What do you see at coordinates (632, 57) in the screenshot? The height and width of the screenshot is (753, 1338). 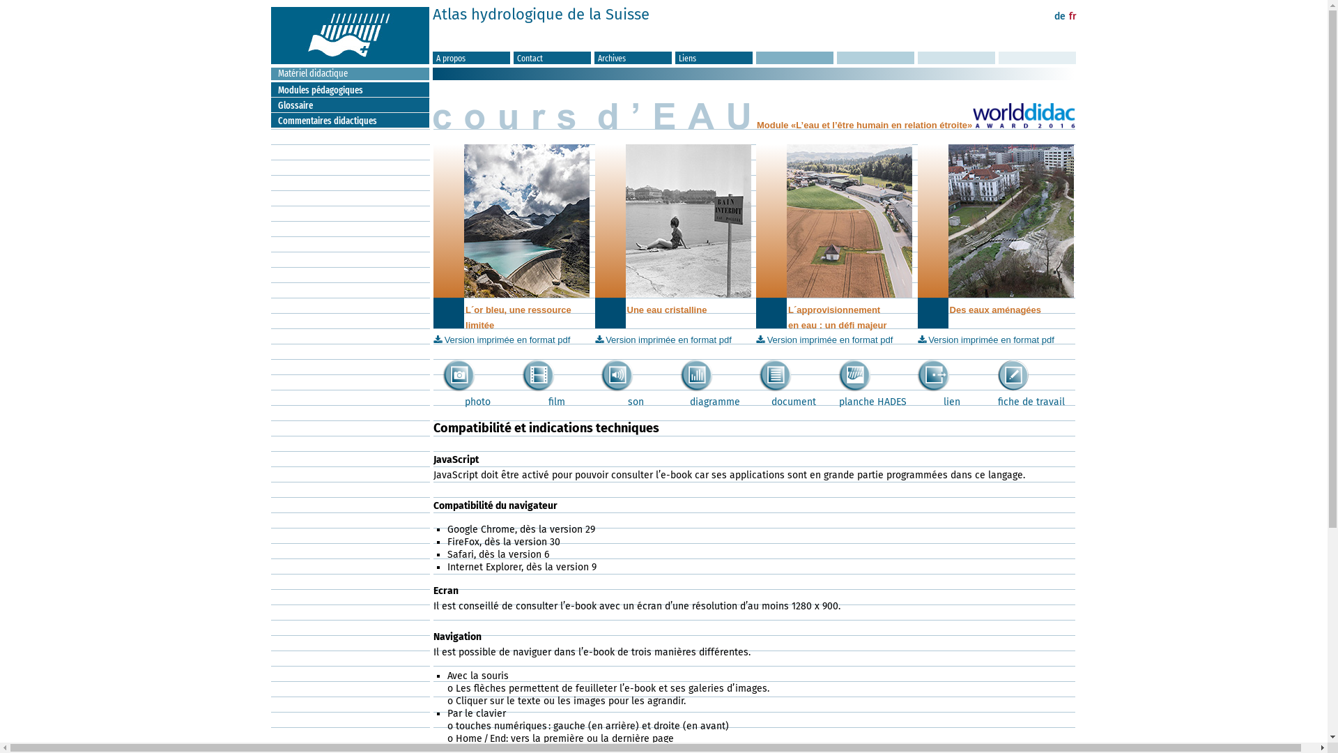 I see `'Archives'` at bounding box center [632, 57].